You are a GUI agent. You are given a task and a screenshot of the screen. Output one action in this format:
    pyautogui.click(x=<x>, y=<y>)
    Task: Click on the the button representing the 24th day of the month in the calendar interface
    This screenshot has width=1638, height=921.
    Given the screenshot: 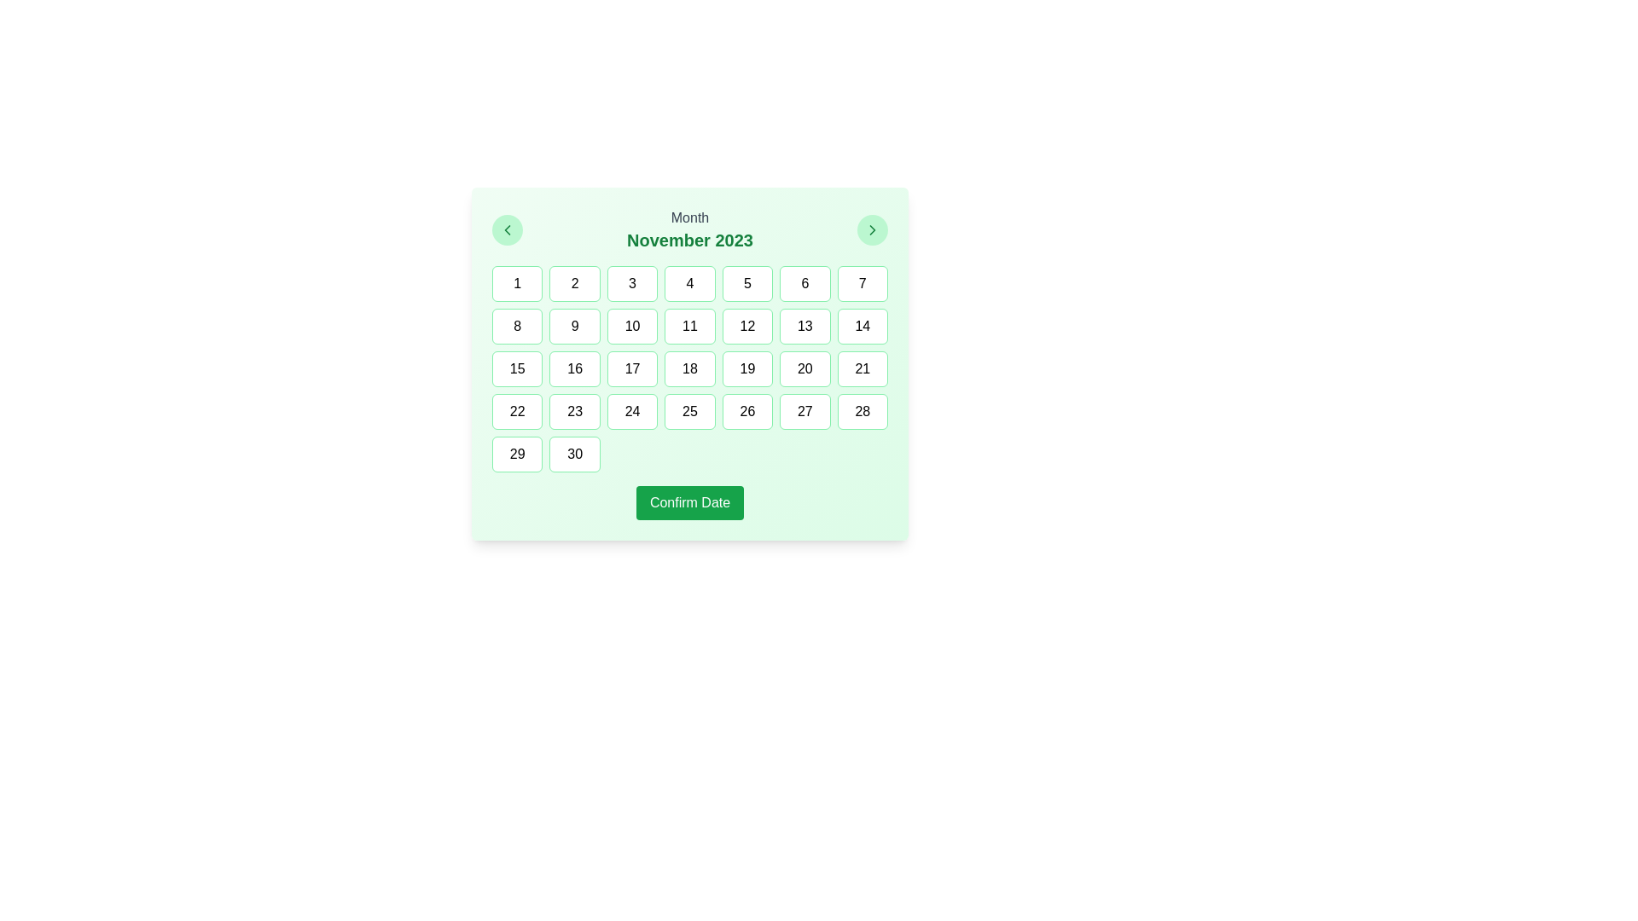 What is the action you would take?
    pyautogui.click(x=631, y=411)
    